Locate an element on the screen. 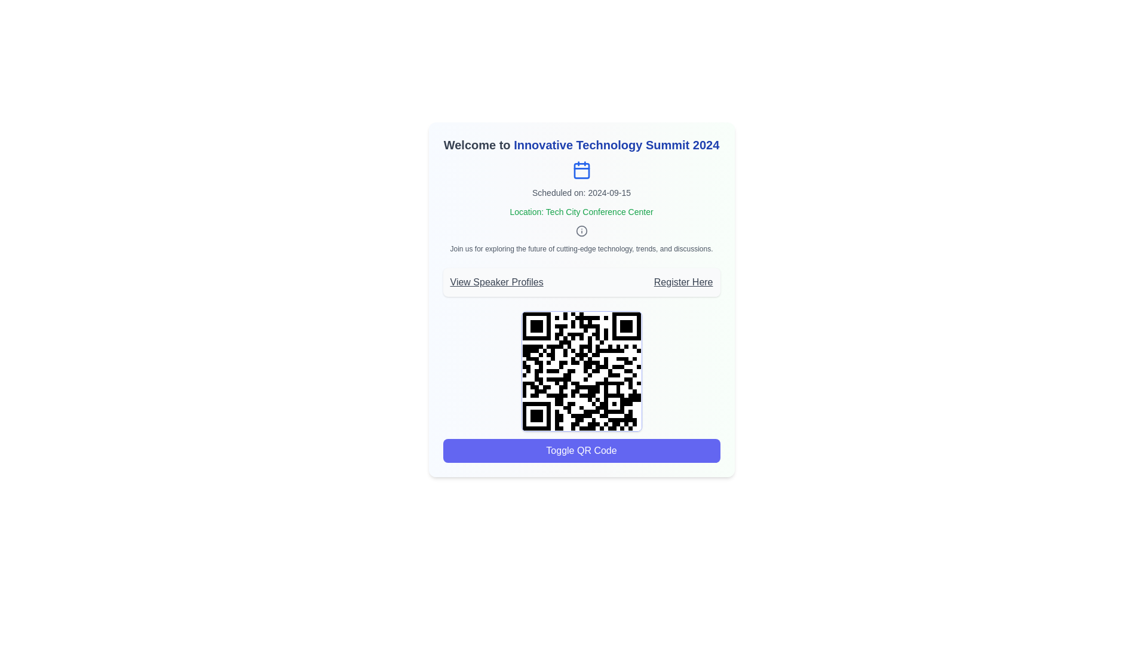 The width and height of the screenshot is (1147, 645). the decorative SVG circle element that is part of an icon, located near the header text and below a colored location text is located at coordinates (581, 231).